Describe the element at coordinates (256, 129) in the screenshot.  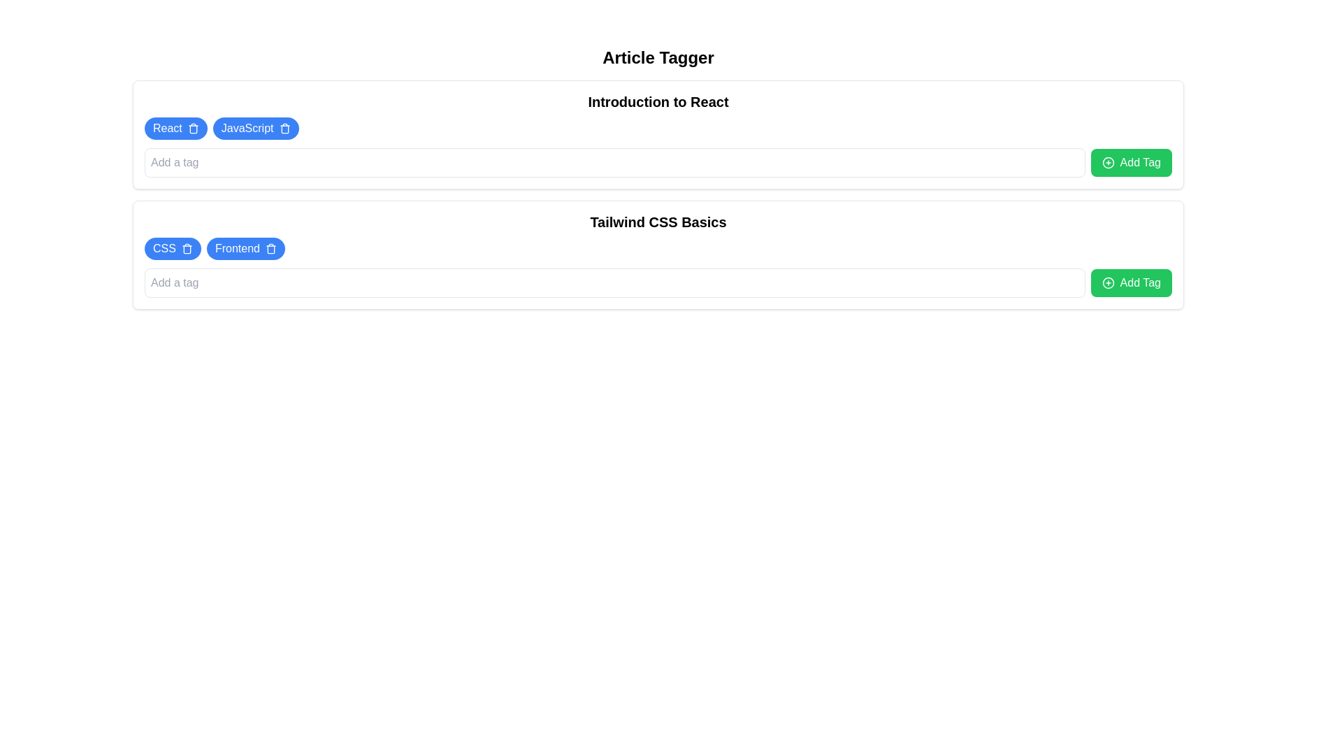
I see `the blue pill-shaped tag with the text 'JavaScript'` at that location.